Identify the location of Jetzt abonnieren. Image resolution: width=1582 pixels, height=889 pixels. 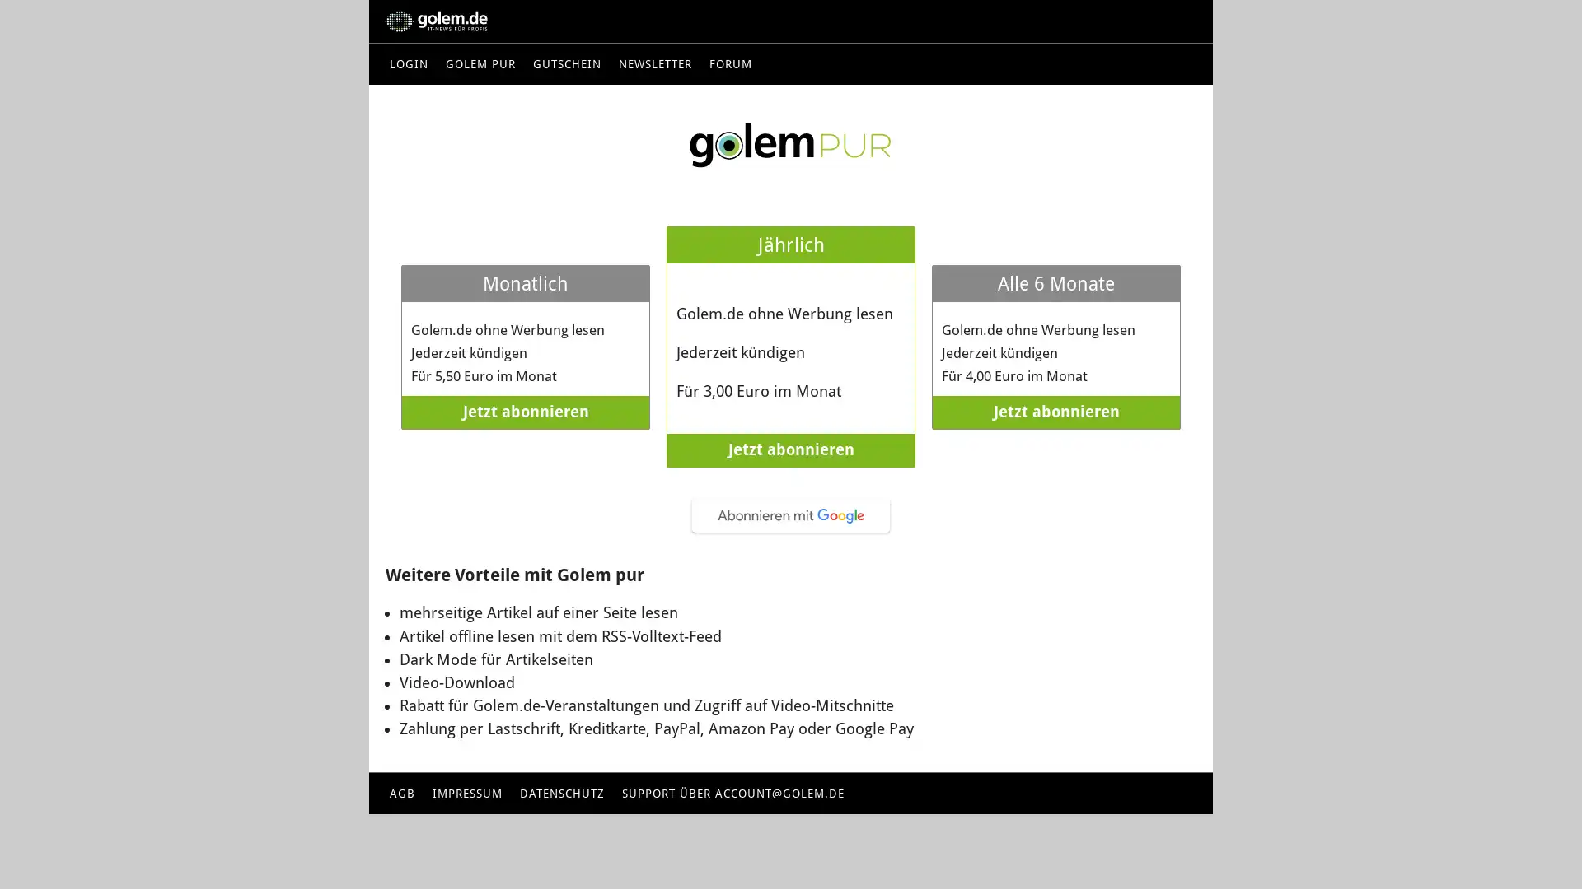
(791, 450).